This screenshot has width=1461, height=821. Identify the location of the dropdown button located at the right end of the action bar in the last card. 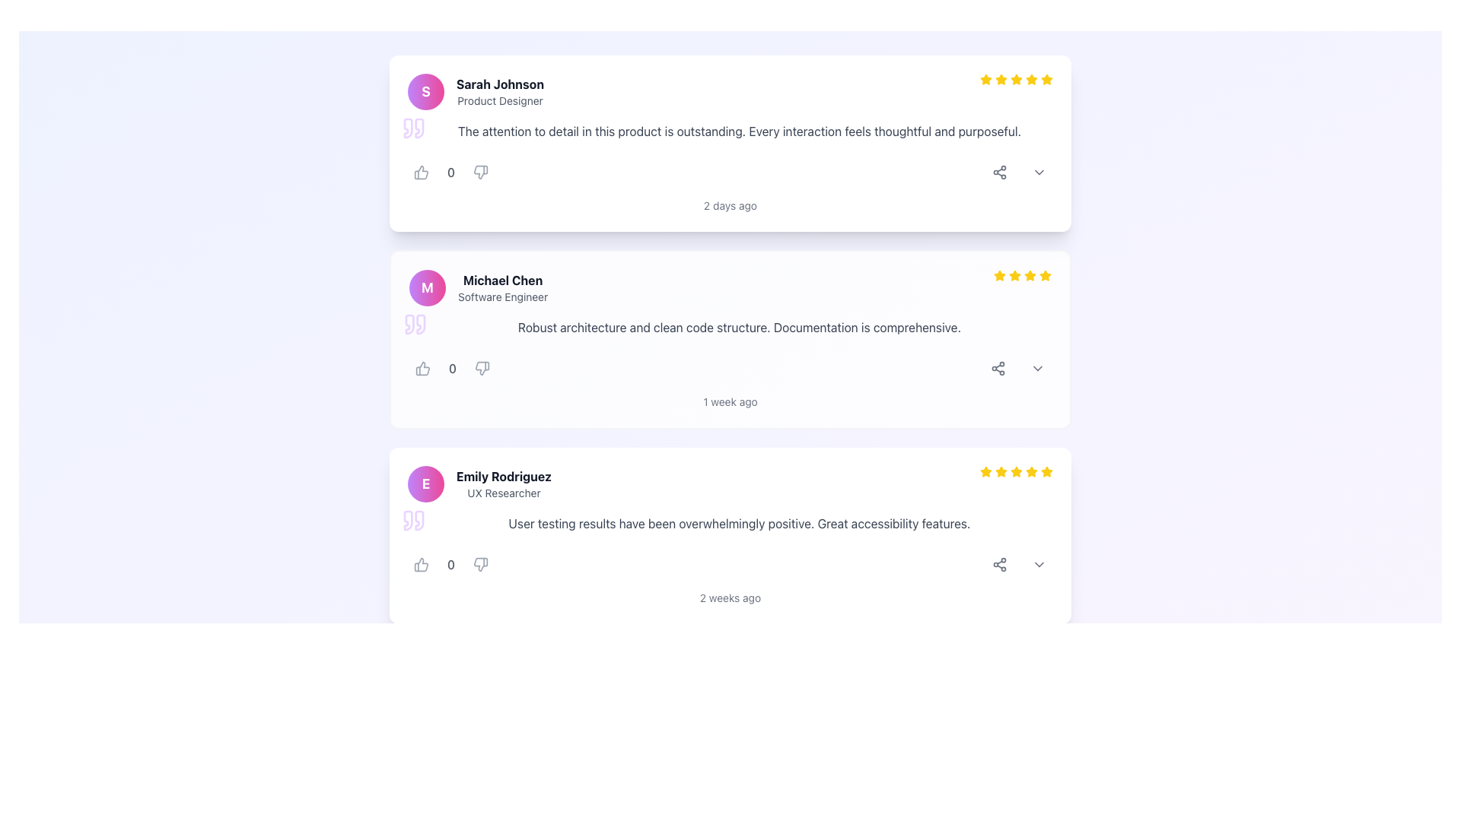
(1039, 565).